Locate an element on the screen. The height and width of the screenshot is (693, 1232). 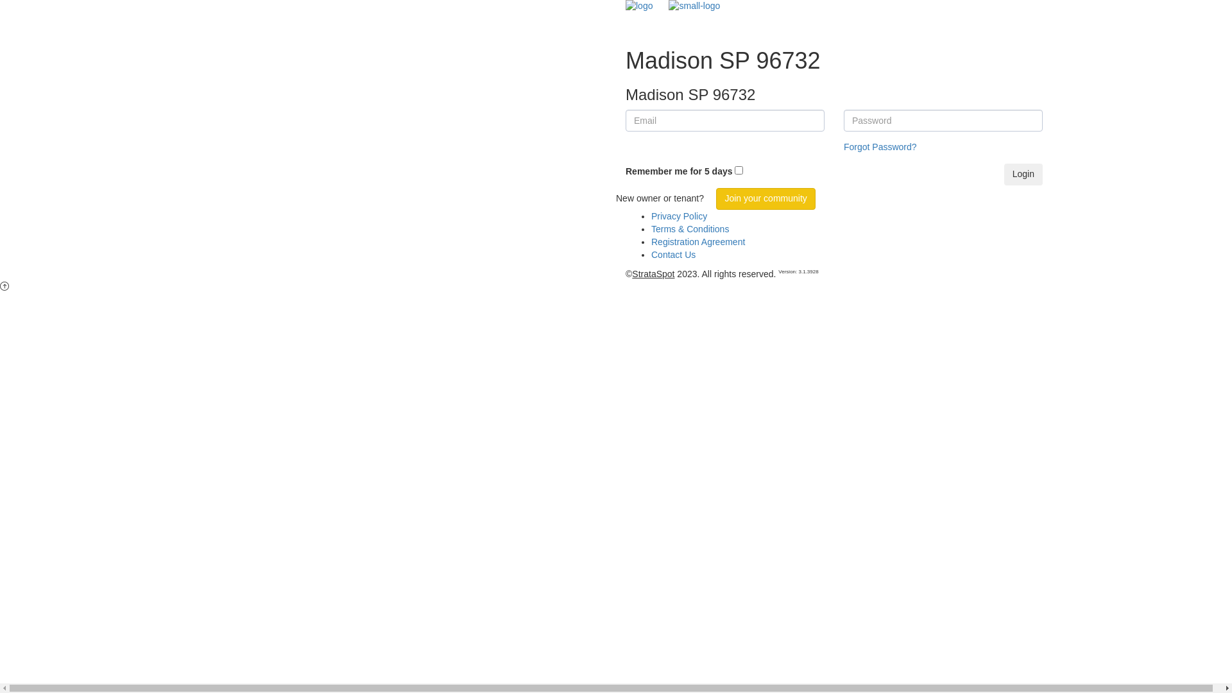
'Contact Us' is located at coordinates (651, 255).